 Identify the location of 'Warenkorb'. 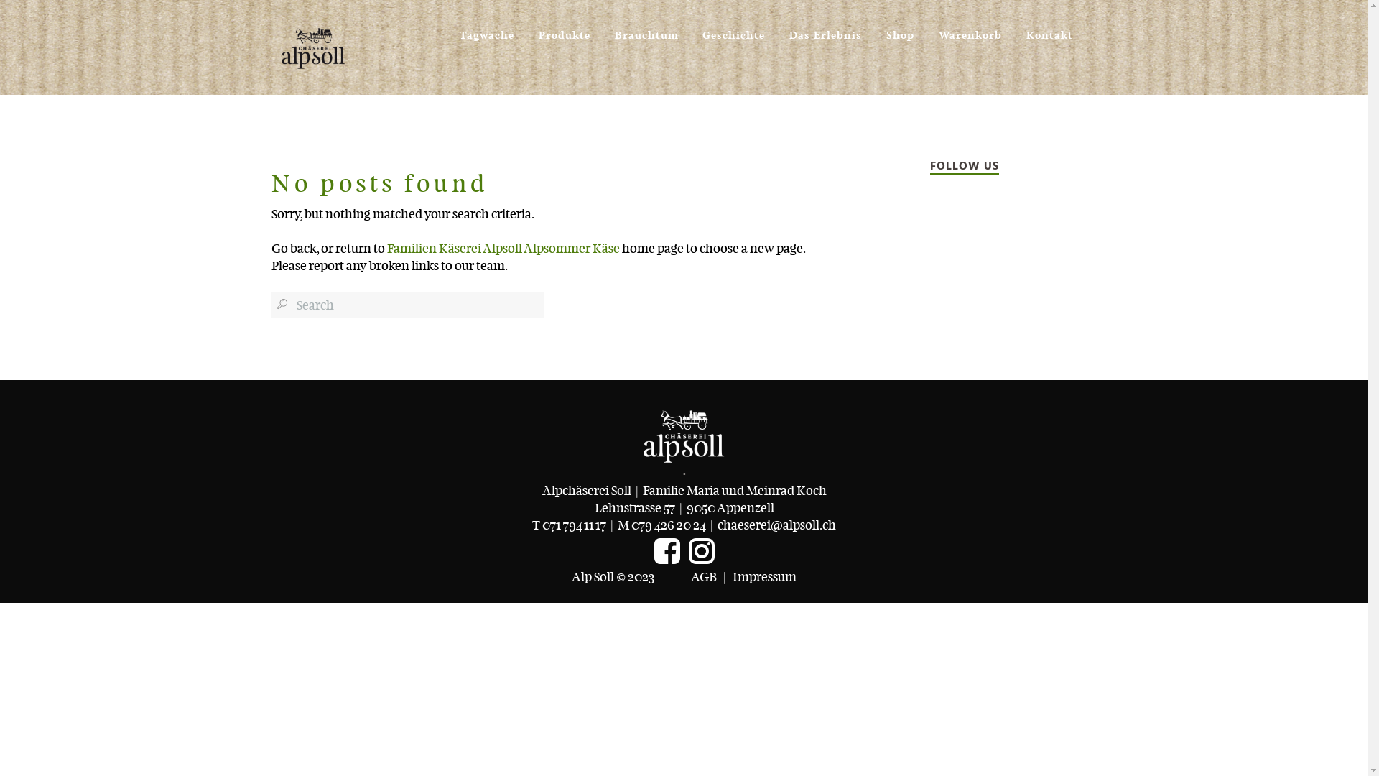
(970, 29).